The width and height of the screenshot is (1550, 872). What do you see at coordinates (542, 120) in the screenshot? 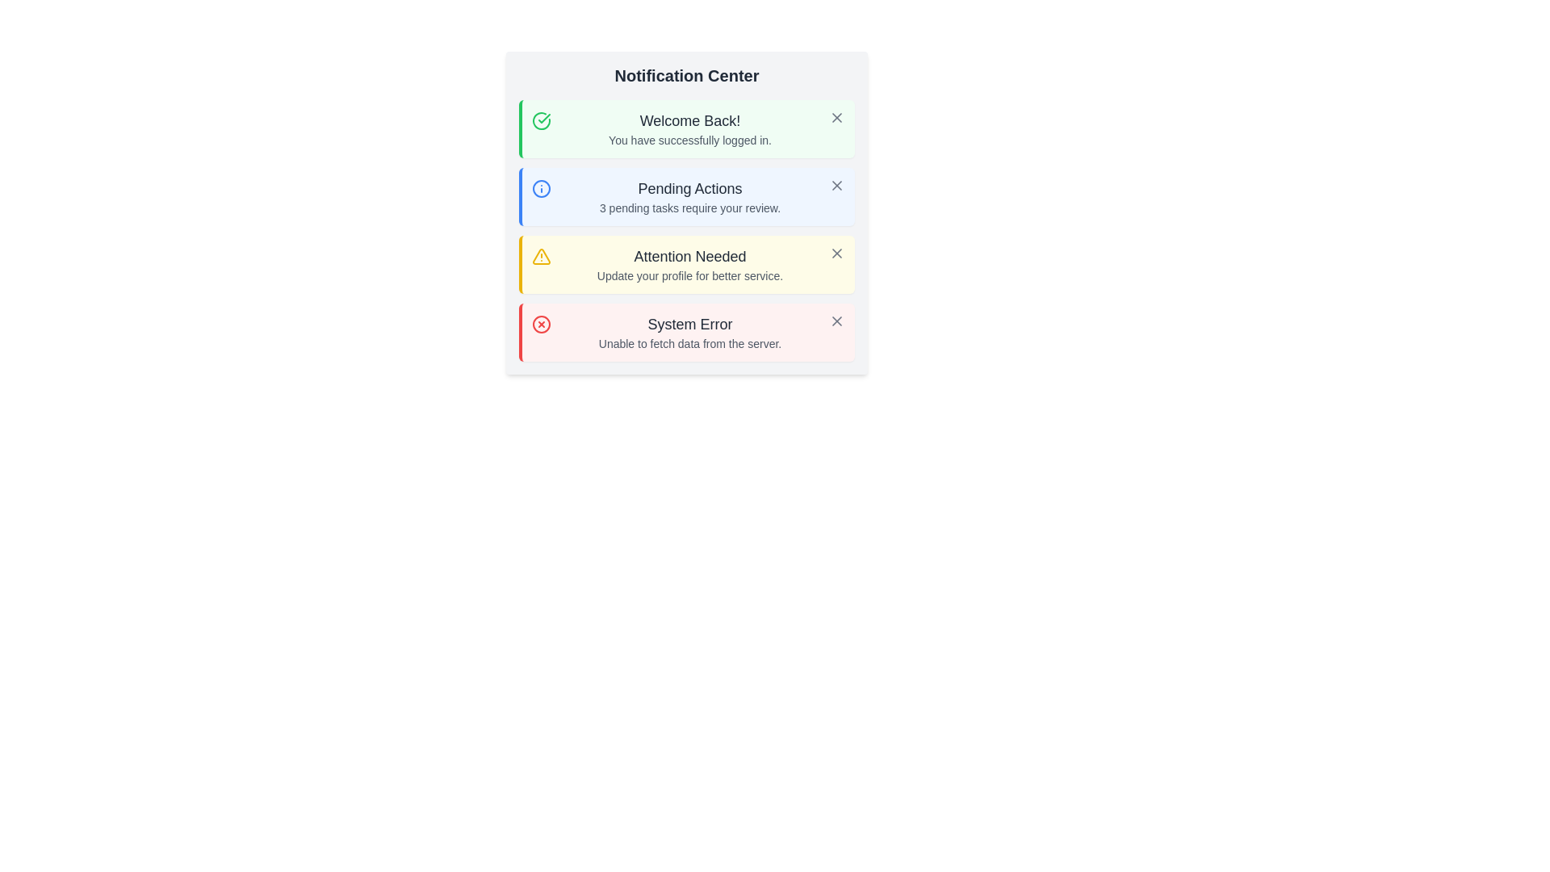
I see `the green checkmark icon embedded within the notification box at the top of the list, located to the left of the text 'Welcome Back!'` at bounding box center [542, 120].